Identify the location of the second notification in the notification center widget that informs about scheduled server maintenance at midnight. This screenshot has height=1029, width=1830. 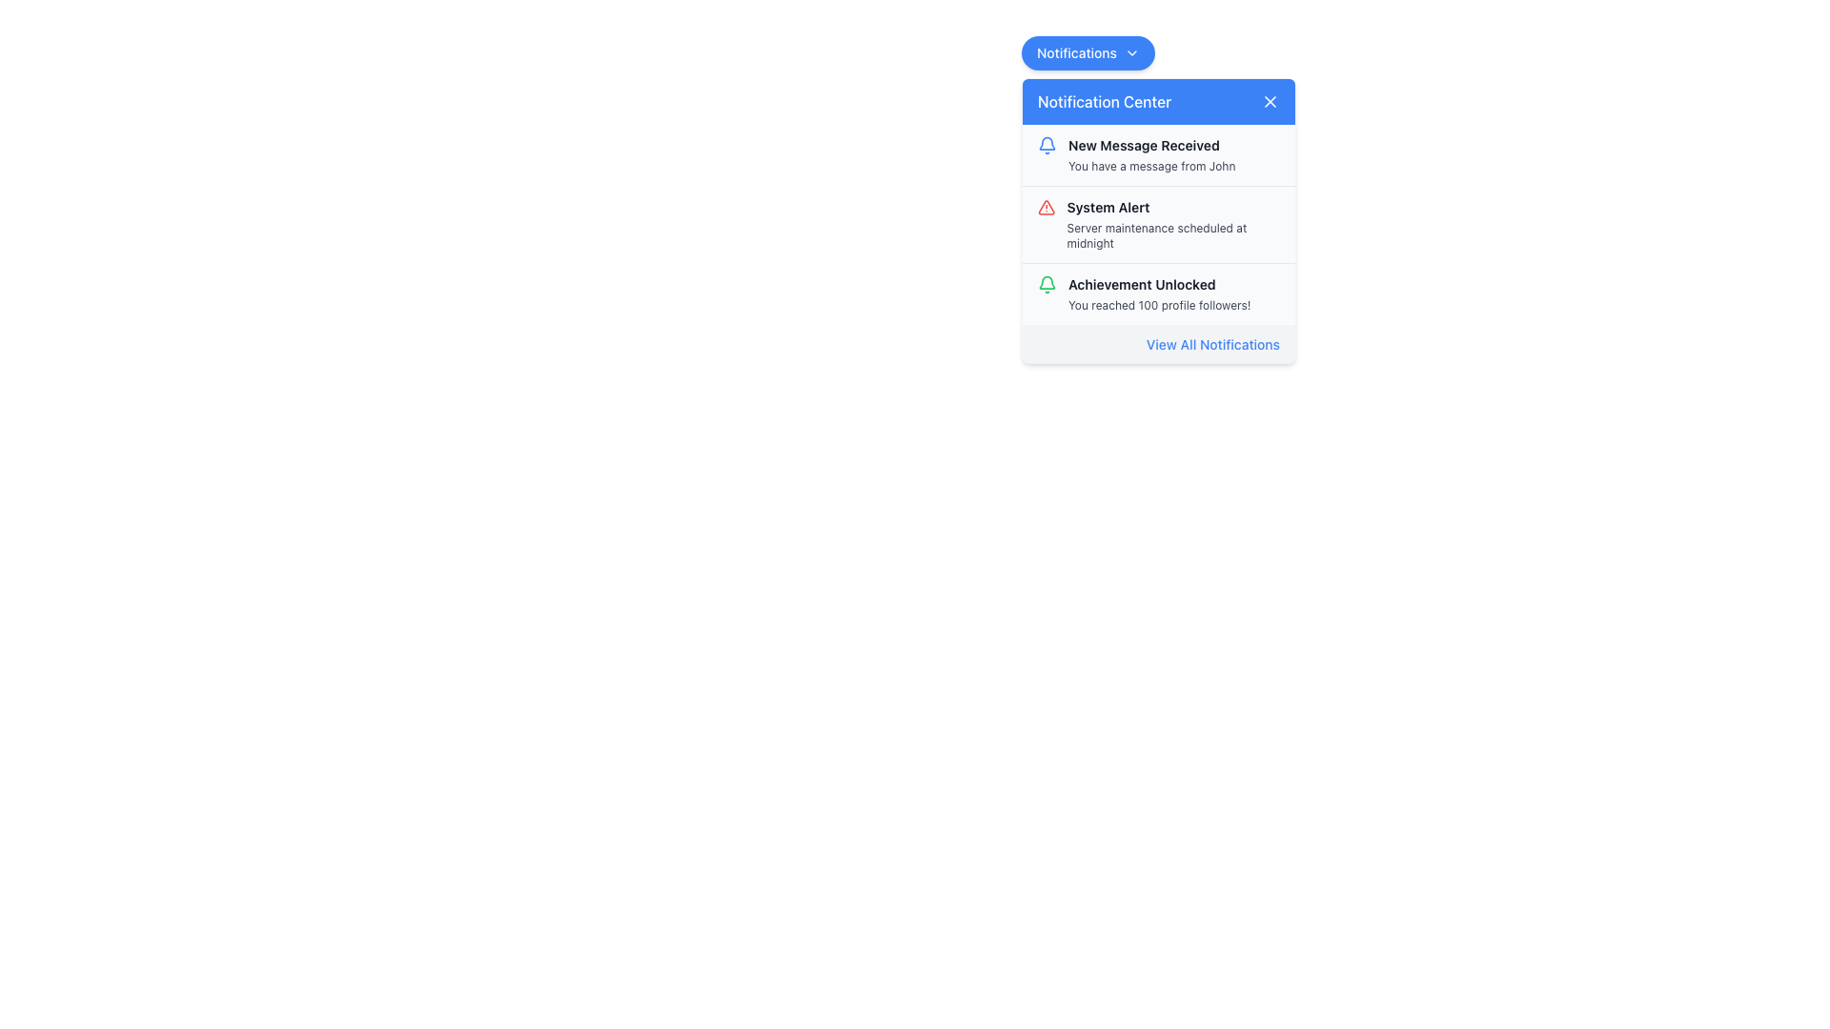
(1157, 223).